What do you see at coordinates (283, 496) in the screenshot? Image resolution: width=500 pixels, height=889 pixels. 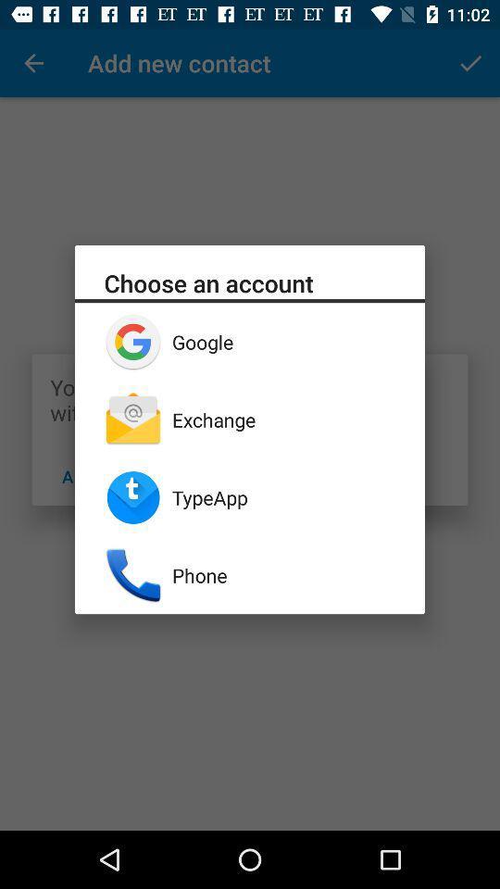 I see `typeapp item` at bounding box center [283, 496].